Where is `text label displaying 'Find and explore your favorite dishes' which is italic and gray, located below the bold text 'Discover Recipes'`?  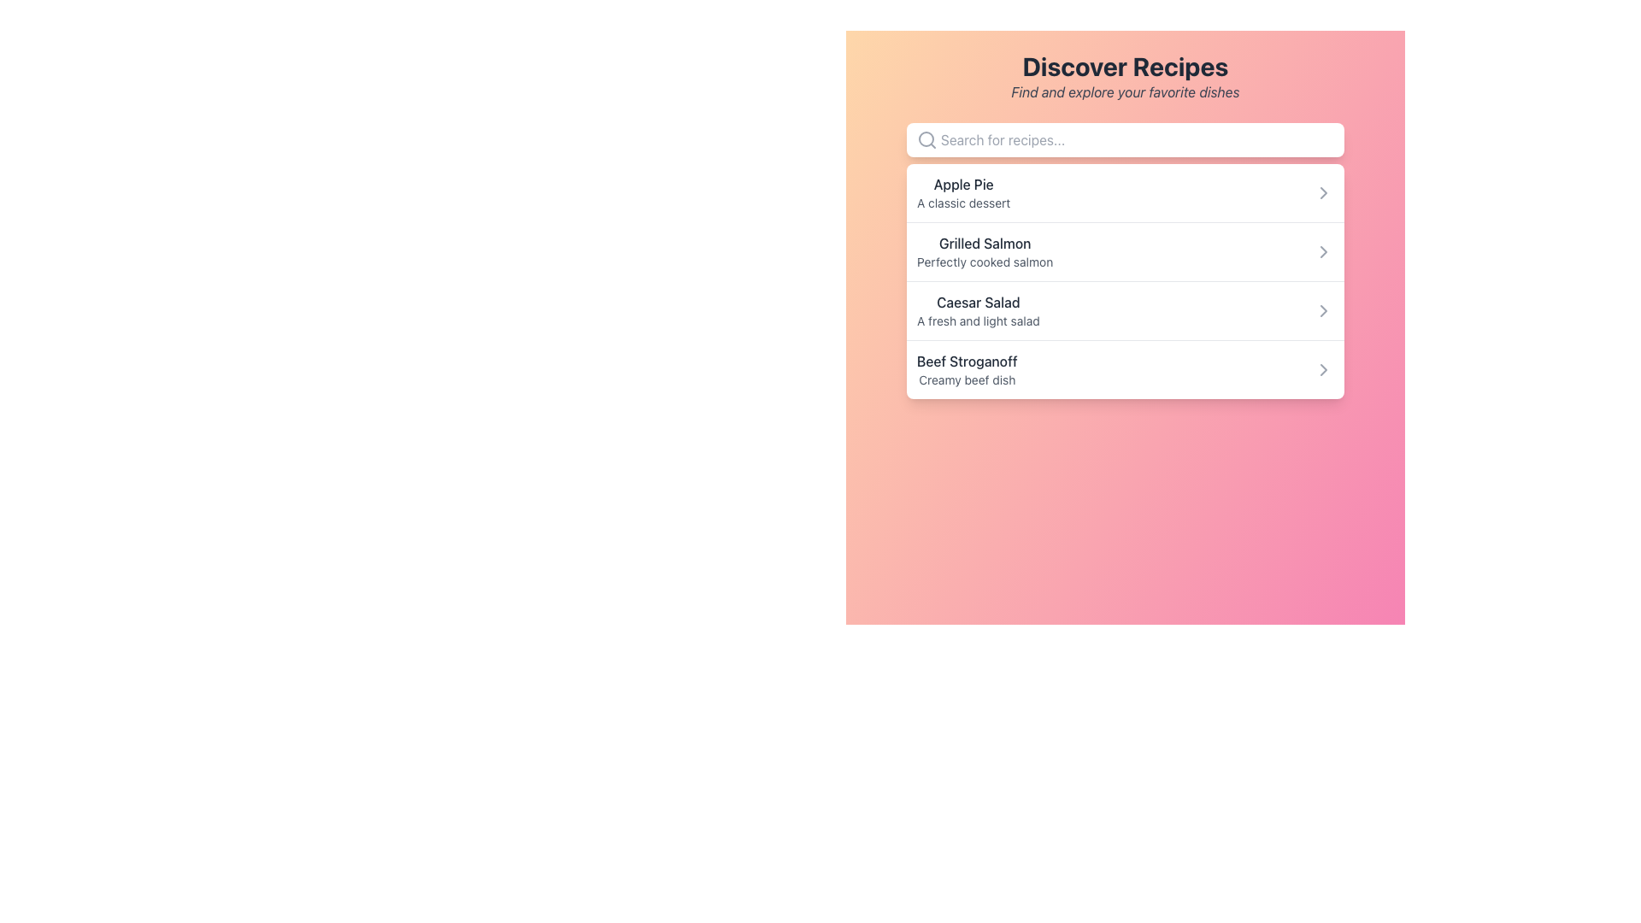 text label displaying 'Find and explore your favorite dishes' which is italic and gray, located below the bold text 'Discover Recipes' is located at coordinates (1125, 92).